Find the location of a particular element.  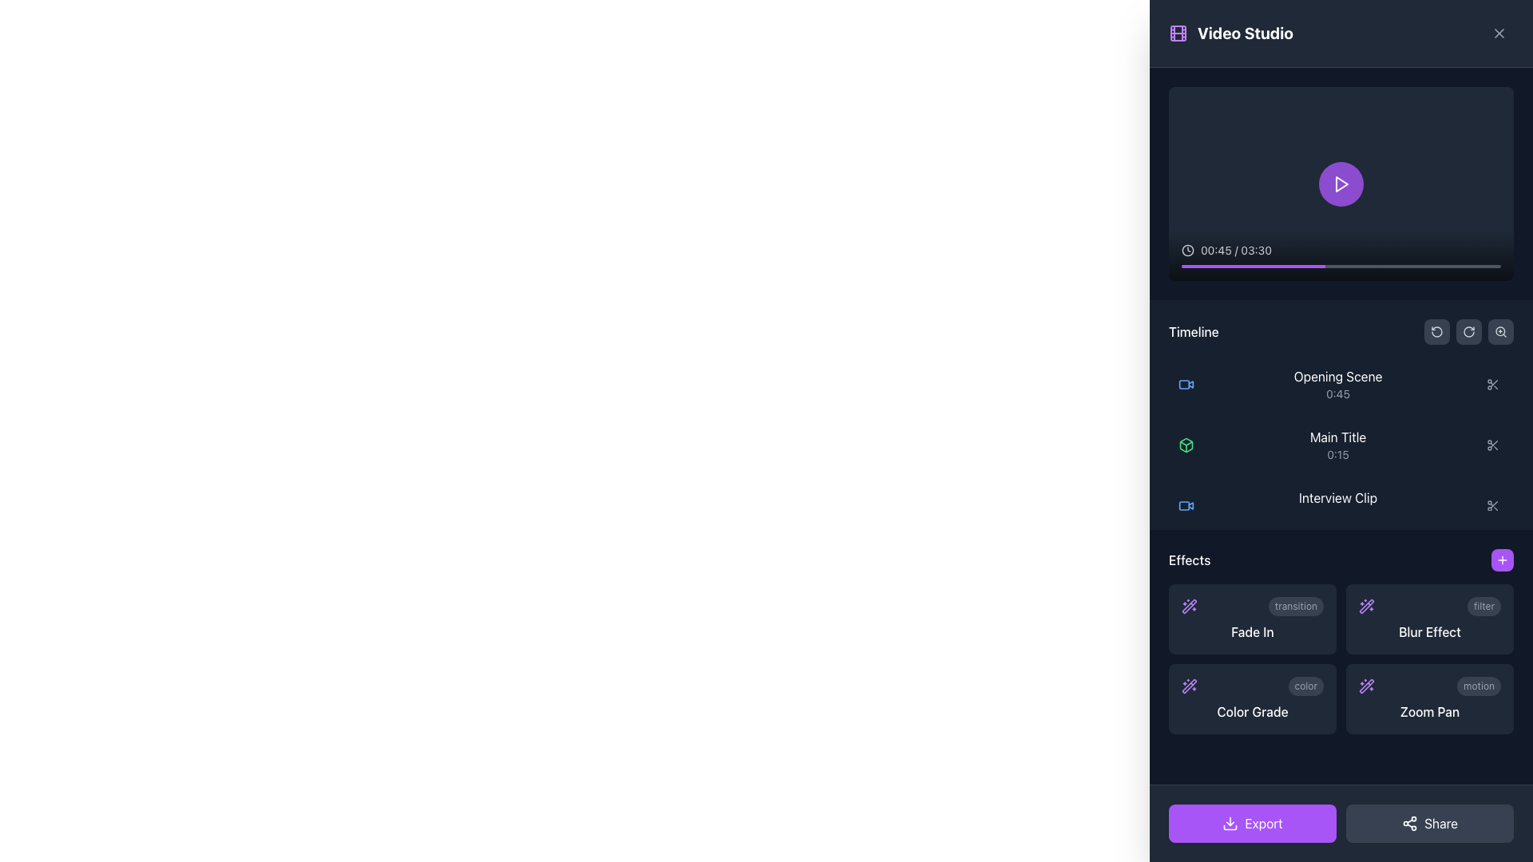

the 'Blur Effect' text label is located at coordinates (1429, 631).